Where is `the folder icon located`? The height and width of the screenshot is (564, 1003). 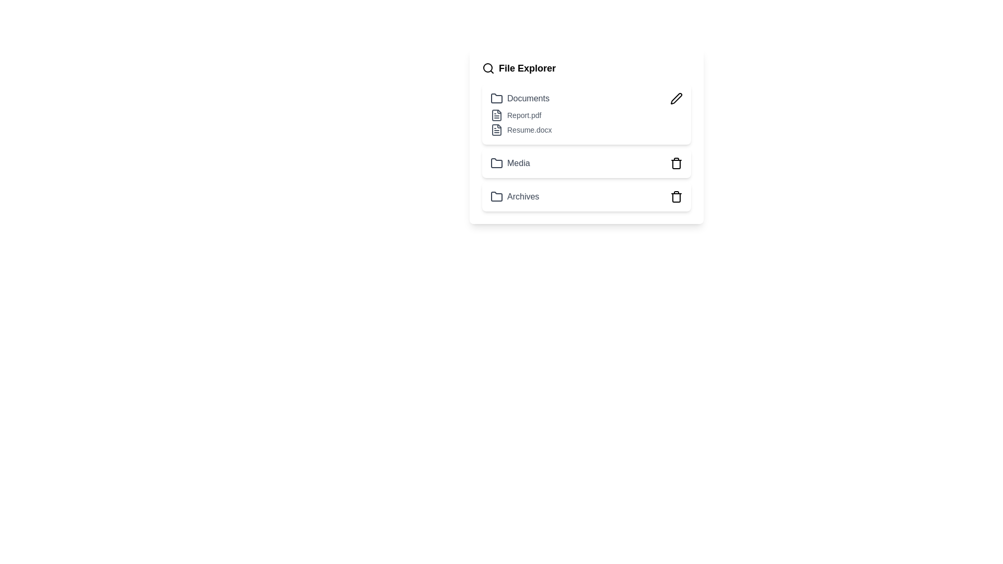 the folder icon located is located at coordinates (496, 163).